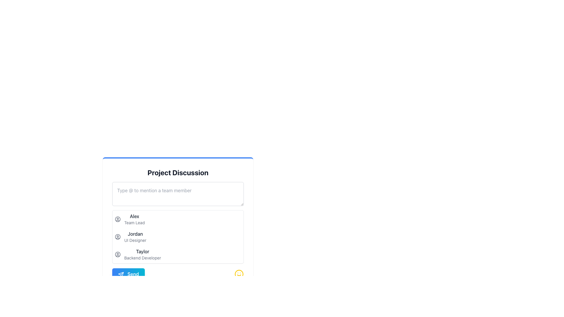  What do you see at coordinates (135, 240) in the screenshot?
I see `the 'UI Designer' text label located below the name 'Jordan' in the list interface` at bounding box center [135, 240].